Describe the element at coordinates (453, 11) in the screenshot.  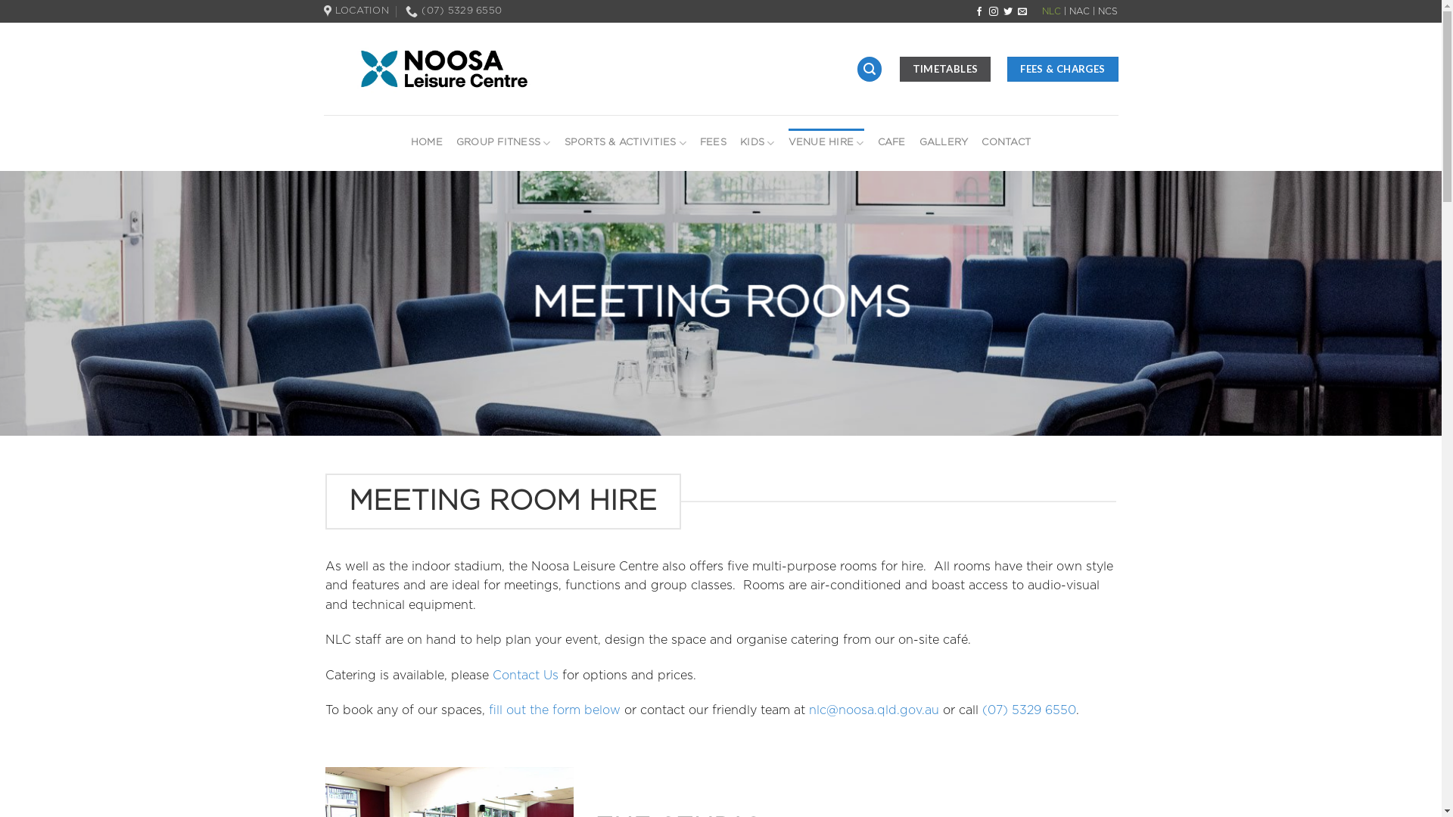
I see `'(07) 5329 6550'` at that location.